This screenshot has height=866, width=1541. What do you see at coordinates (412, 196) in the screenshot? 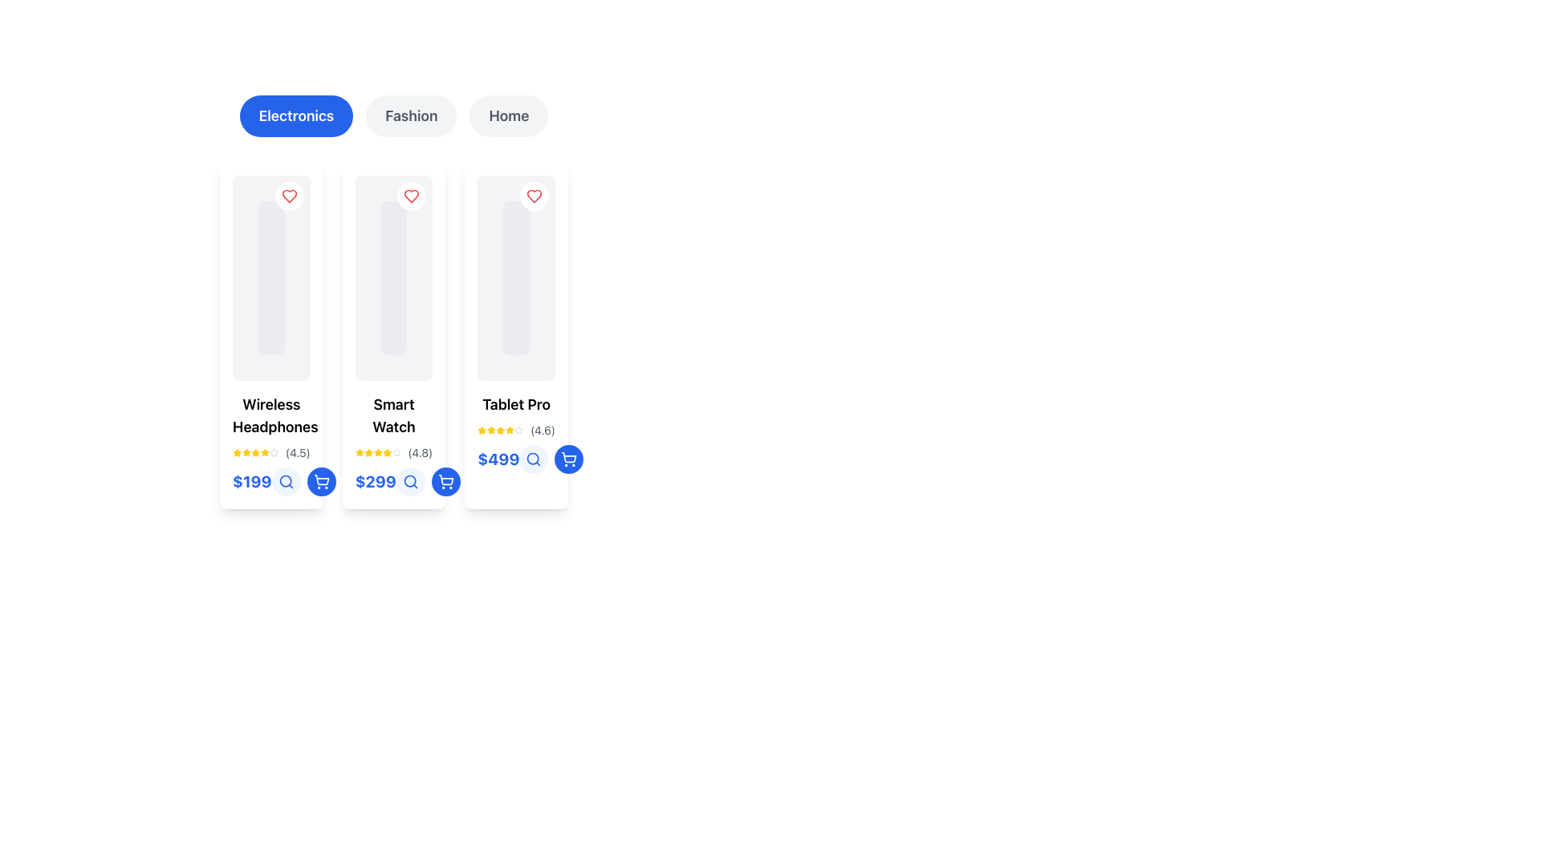
I see `the 'like' button (heart icon) located in the top-right corner of the 'Smart Watch' product item card` at bounding box center [412, 196].